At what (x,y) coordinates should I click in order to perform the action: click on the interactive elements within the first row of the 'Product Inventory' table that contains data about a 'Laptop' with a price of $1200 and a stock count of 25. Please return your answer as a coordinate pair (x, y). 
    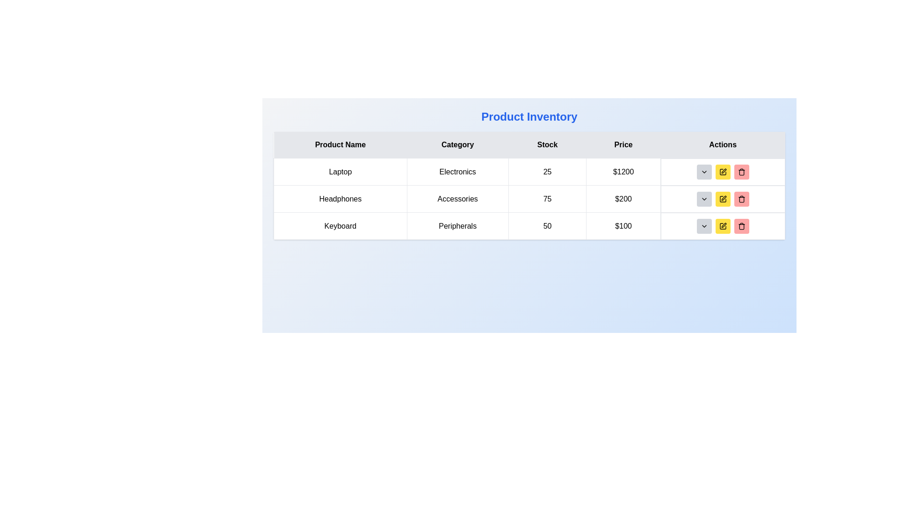
    Looking at the image, I should click on (529, 172).